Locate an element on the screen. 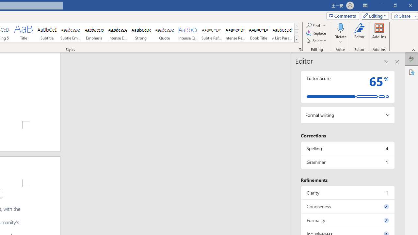 This screenshot has height=235, width=418. 'Intense Reference' is located at coordinates (235, 33).